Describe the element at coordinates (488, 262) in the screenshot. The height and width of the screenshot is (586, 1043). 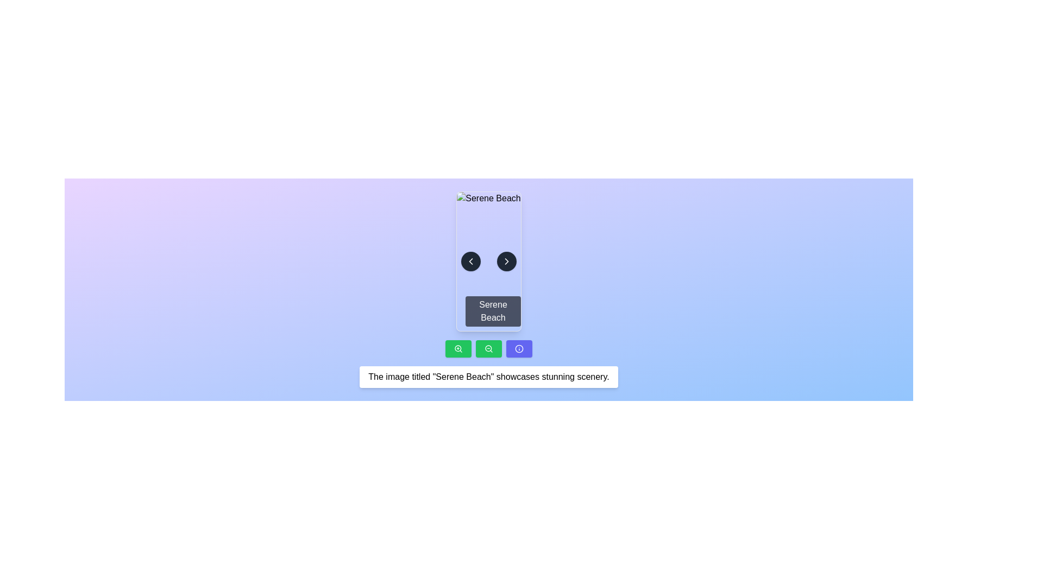
I see `on the 'Serene Beach' image with overlay and navigation controls` at that location.